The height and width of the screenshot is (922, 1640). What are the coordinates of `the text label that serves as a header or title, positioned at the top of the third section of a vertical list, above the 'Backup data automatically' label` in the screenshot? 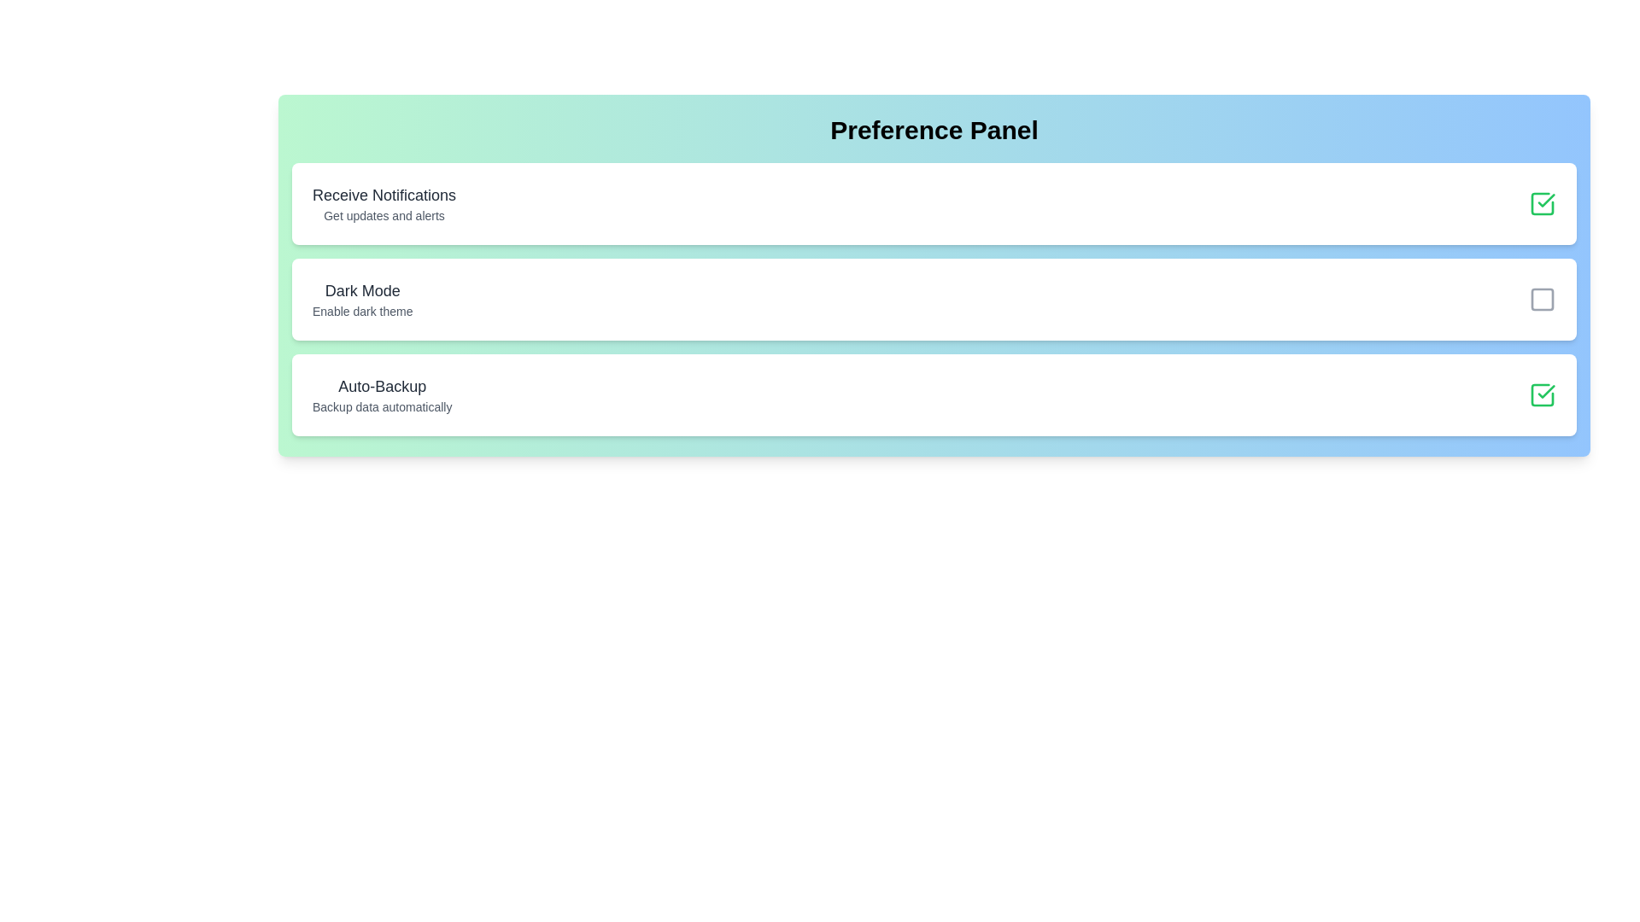 It's located at (381, 386).